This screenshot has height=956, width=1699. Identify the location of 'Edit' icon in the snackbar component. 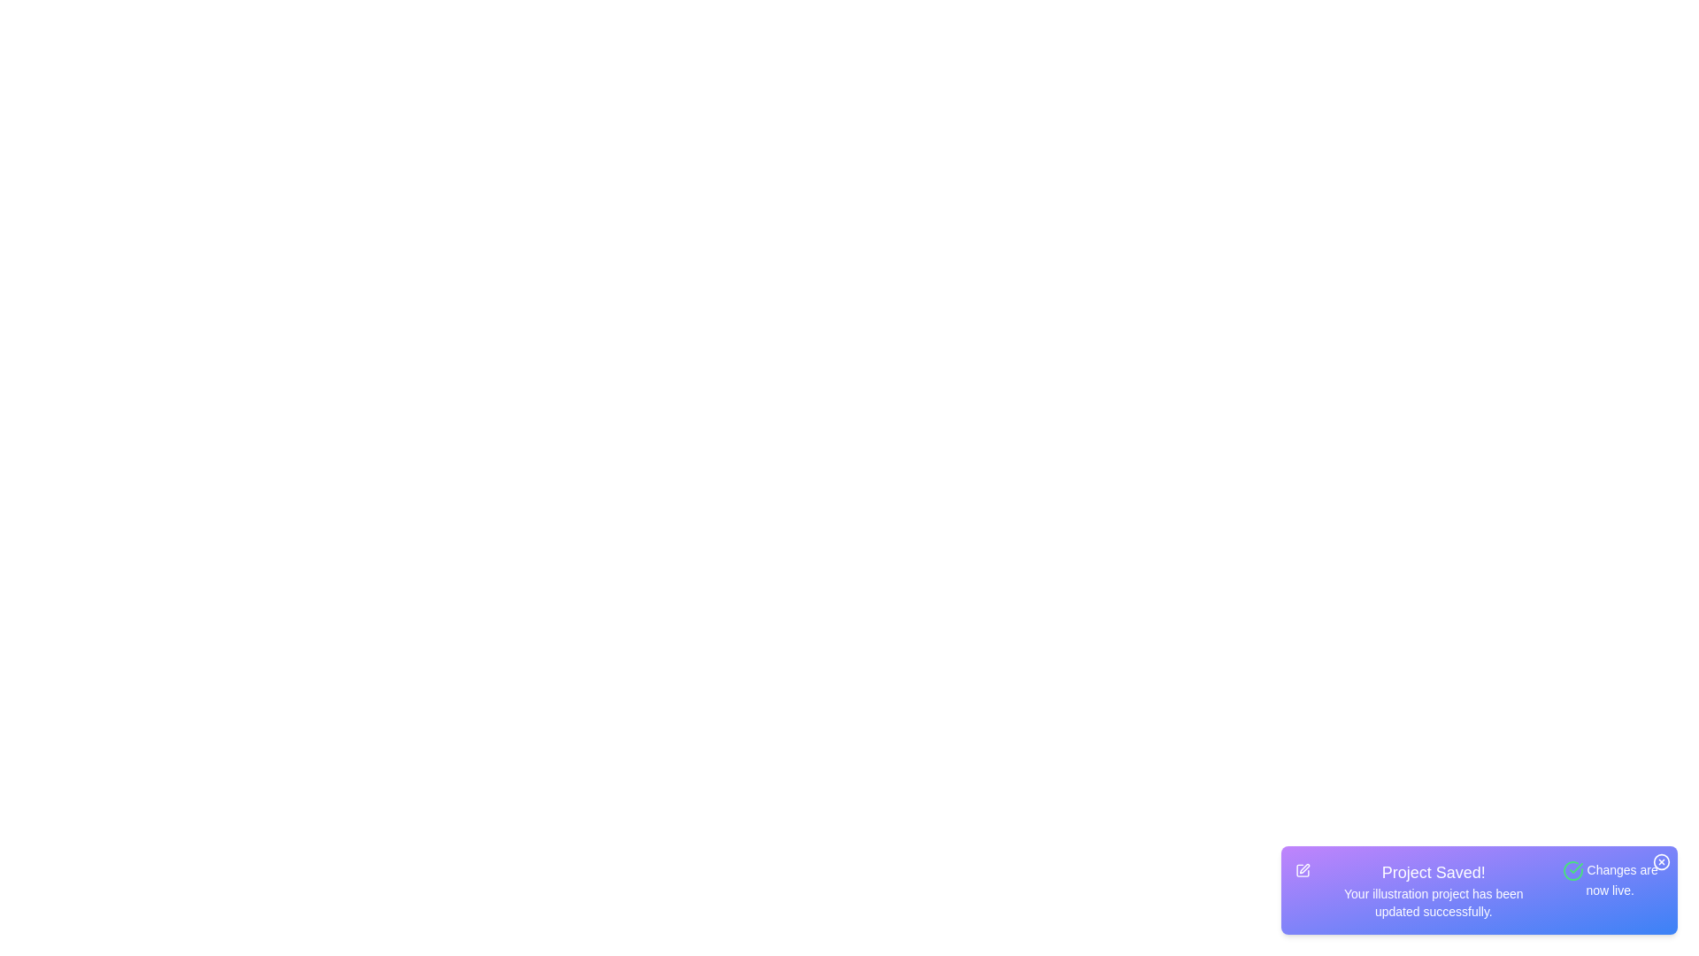
(1303, 869).